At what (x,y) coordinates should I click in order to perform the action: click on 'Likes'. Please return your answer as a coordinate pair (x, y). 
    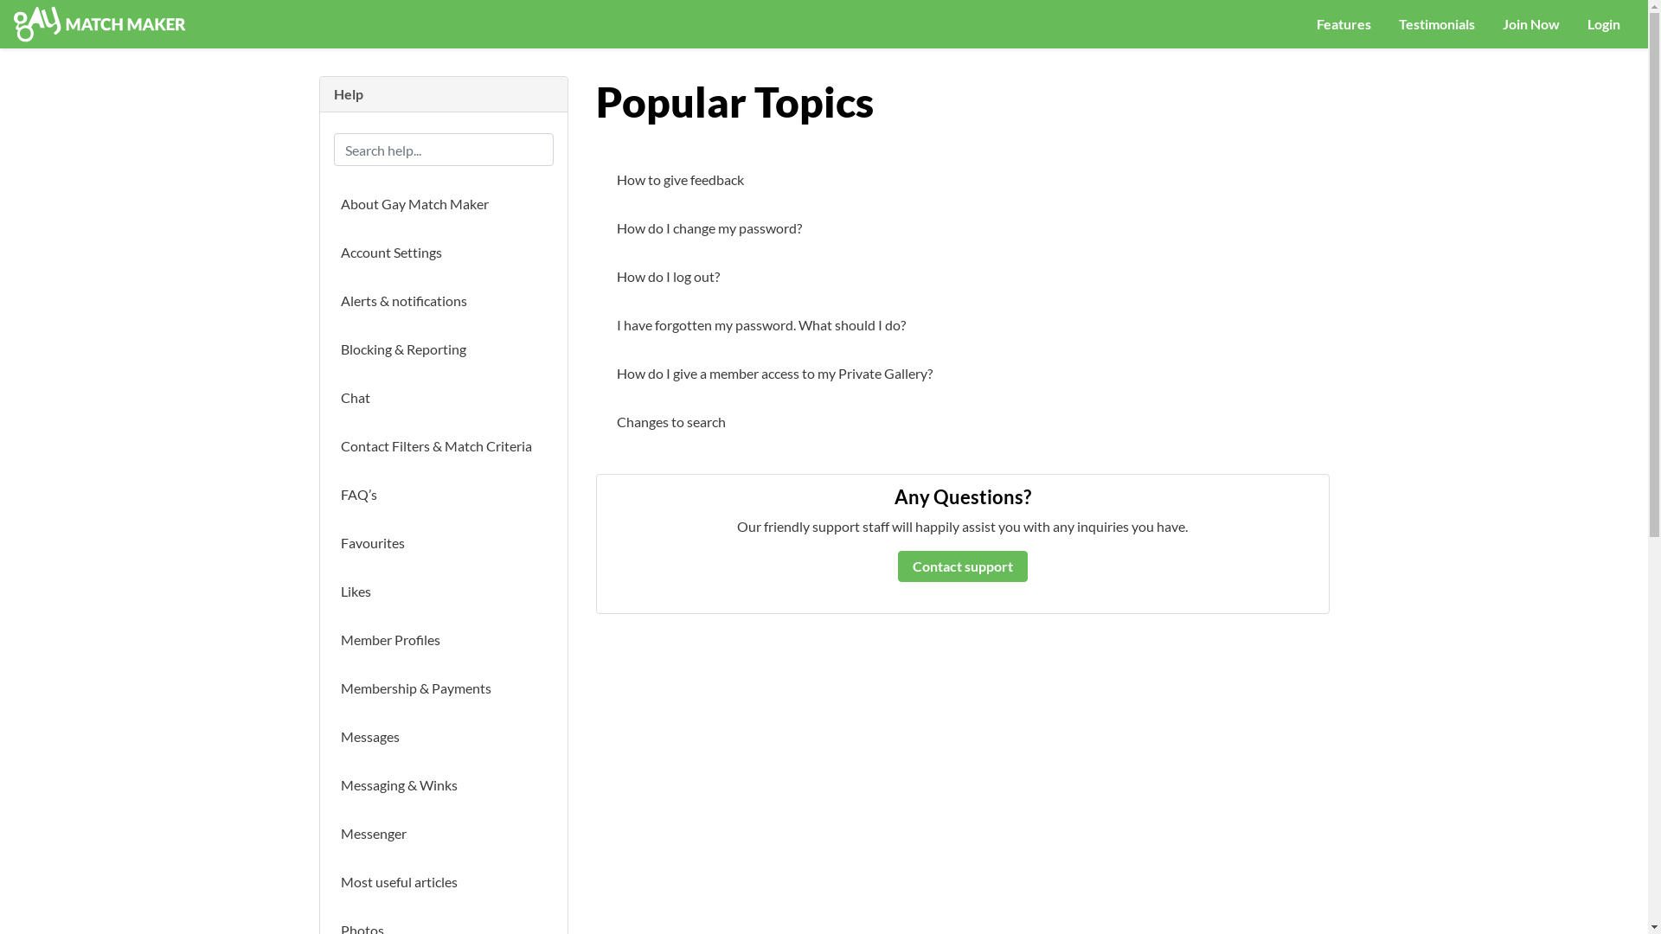
    Looking at the image, I should click on (444, 590).